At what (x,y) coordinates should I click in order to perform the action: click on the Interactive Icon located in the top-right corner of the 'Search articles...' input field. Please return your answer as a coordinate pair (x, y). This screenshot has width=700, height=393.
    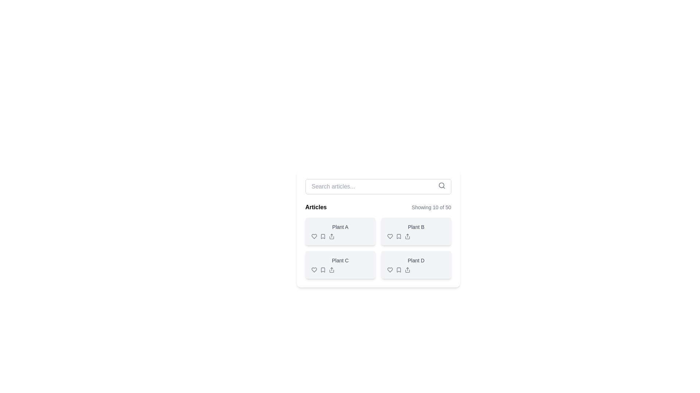
    Looking at the image, I should click on (441, 185).